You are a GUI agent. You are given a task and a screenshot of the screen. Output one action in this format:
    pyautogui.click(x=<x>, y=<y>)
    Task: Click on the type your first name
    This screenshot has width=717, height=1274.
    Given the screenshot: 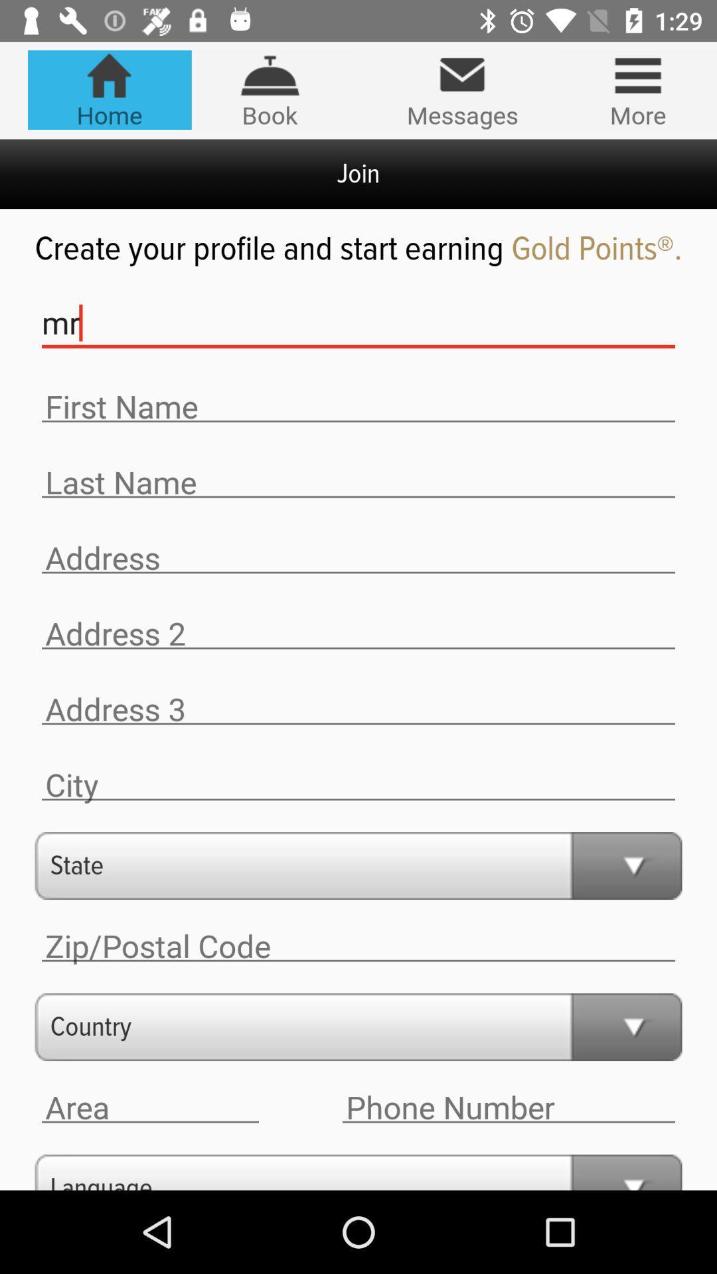 What is the action you would take?
    pyautogui.click(x=358, y=406)
    